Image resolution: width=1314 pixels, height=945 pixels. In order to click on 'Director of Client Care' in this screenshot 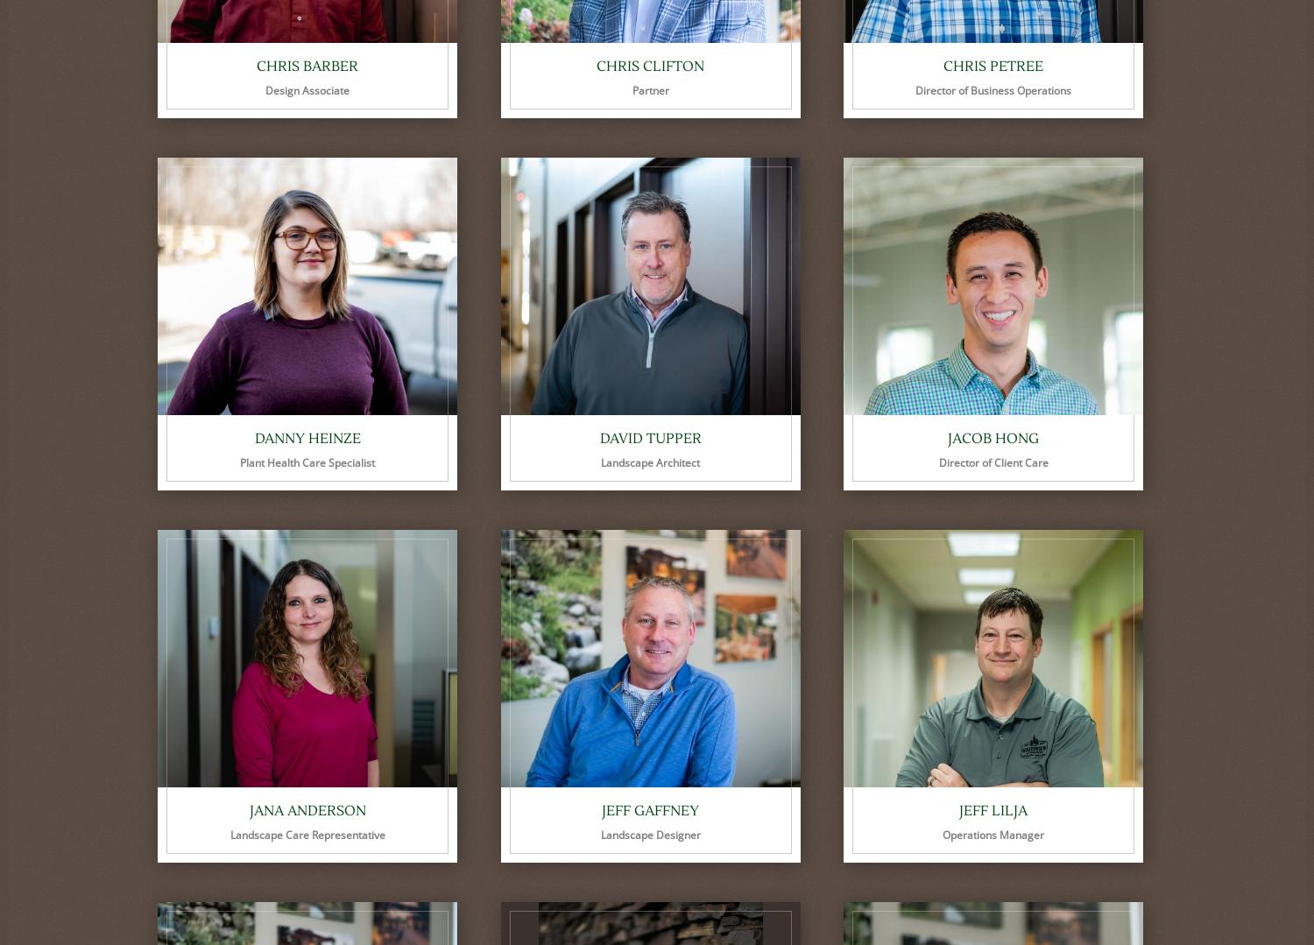, I will do `click(993, 462)`.